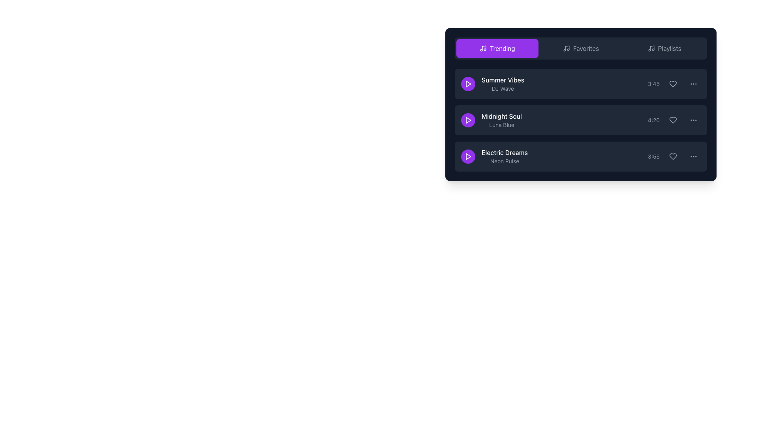 This screenshot has width=758, height=426. What do you see at coordinates (654, 157) in the screenshot?
I see `the static label displaying the time '3:55' in gray font located in the bottom-right portion of the third row within the playlist interface` at bounding box center [654, 157].